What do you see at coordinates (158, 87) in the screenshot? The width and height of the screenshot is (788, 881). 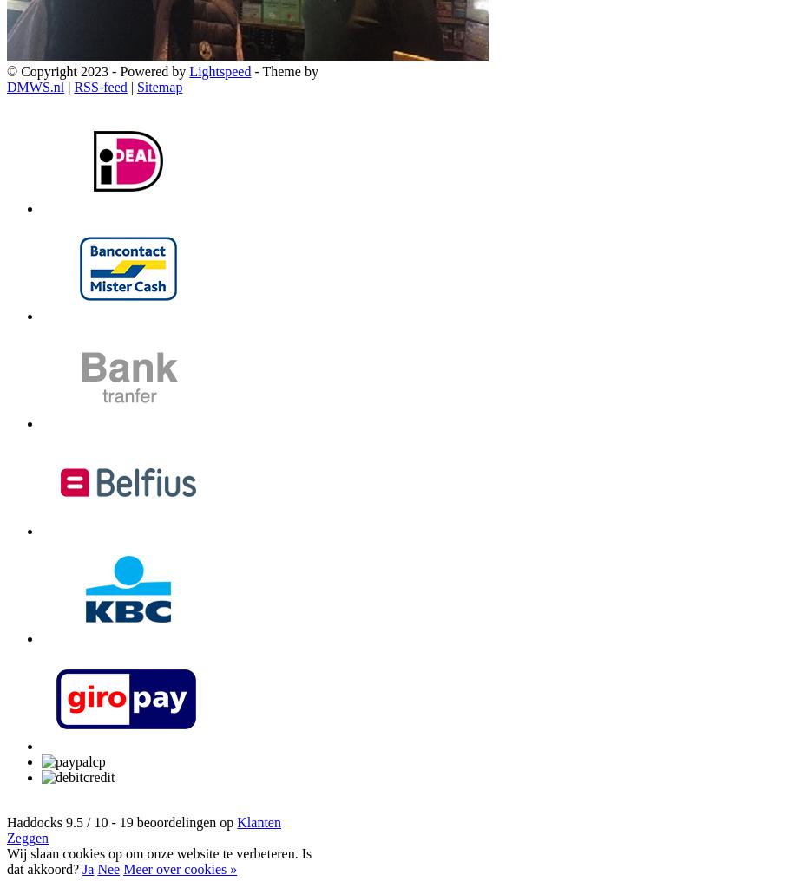 I see `'Sitemap'` at bounding box center [158, 87].